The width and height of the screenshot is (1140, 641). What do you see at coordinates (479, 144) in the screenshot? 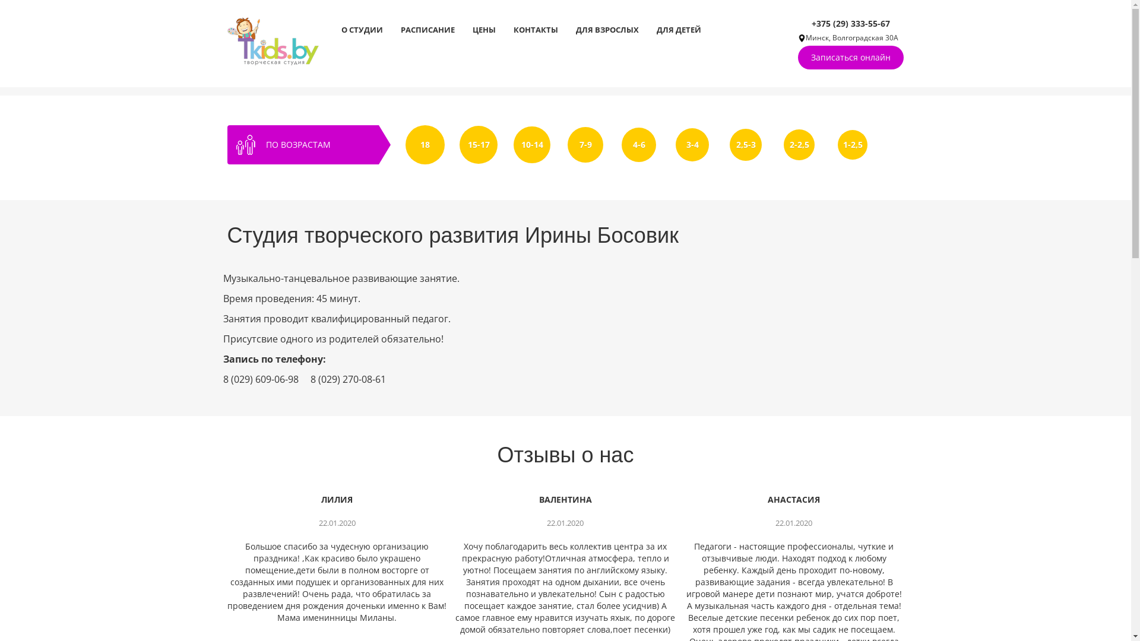
I see `'15-17'` at bounding box center [479, 144].